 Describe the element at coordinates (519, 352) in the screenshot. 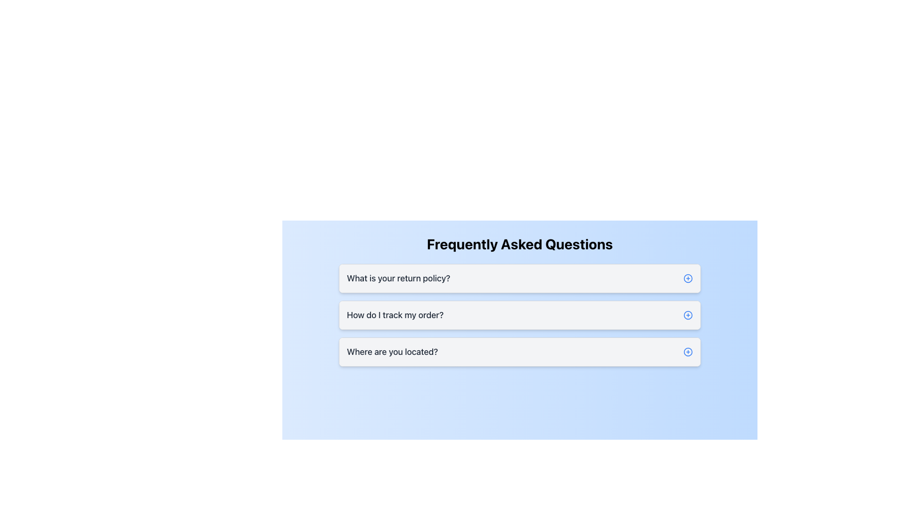

I see `the question toggle for 'Where are you located?'` at that location.